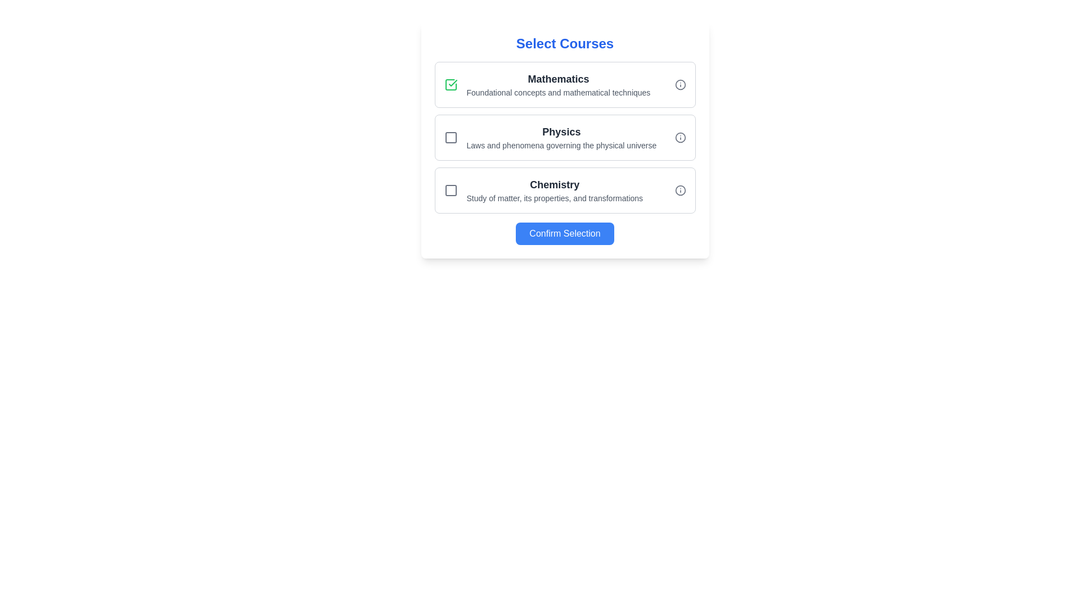  Describe the element at coordinates (559, 92) in the screenshot. I see `the text component displaying 'Foundational concepts and mathematical techniques' located beneath the 'Mathematics' header` at that location.